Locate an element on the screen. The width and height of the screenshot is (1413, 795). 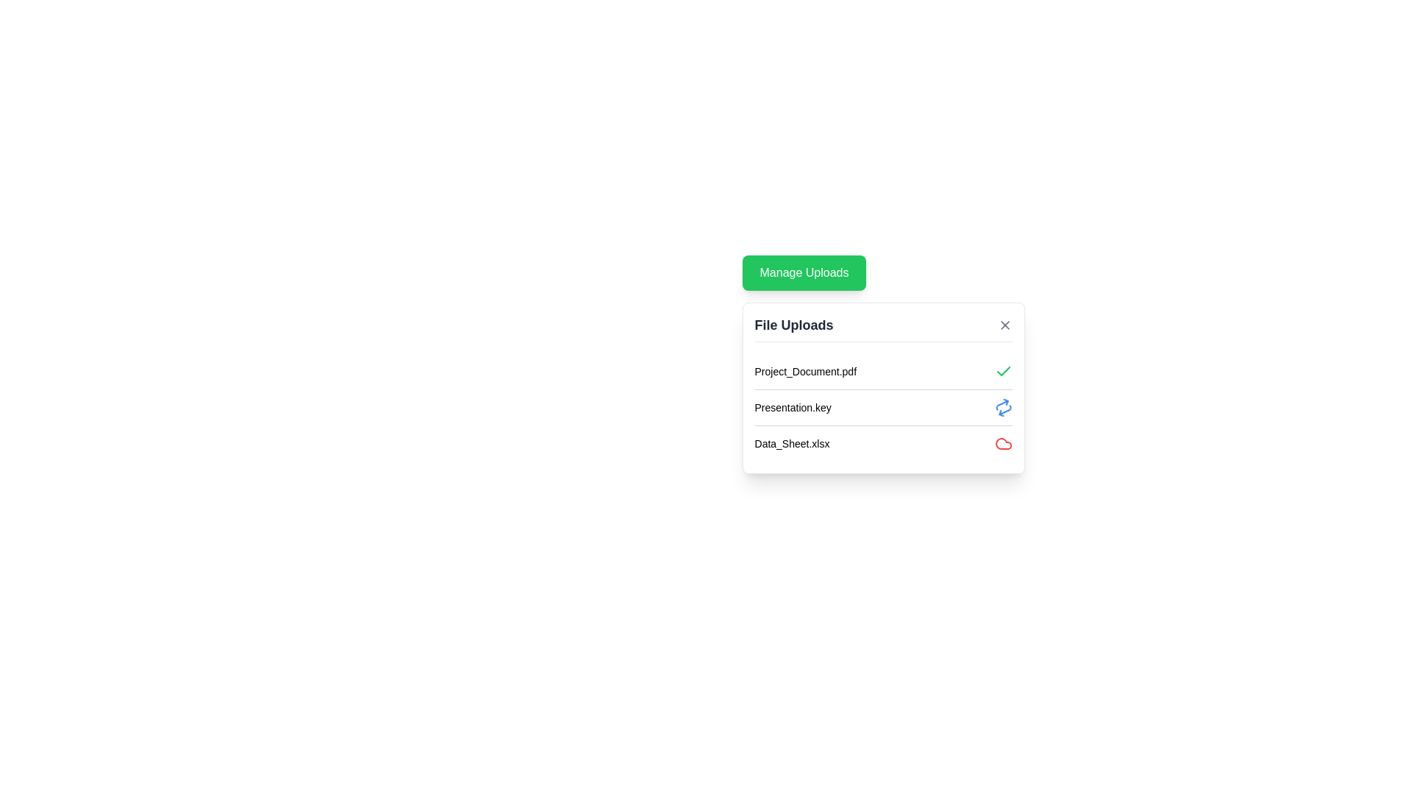
the text label displaying 'Presentation.key' in the second row of the 'File Uploads' list is located at coordinates (792, 408).